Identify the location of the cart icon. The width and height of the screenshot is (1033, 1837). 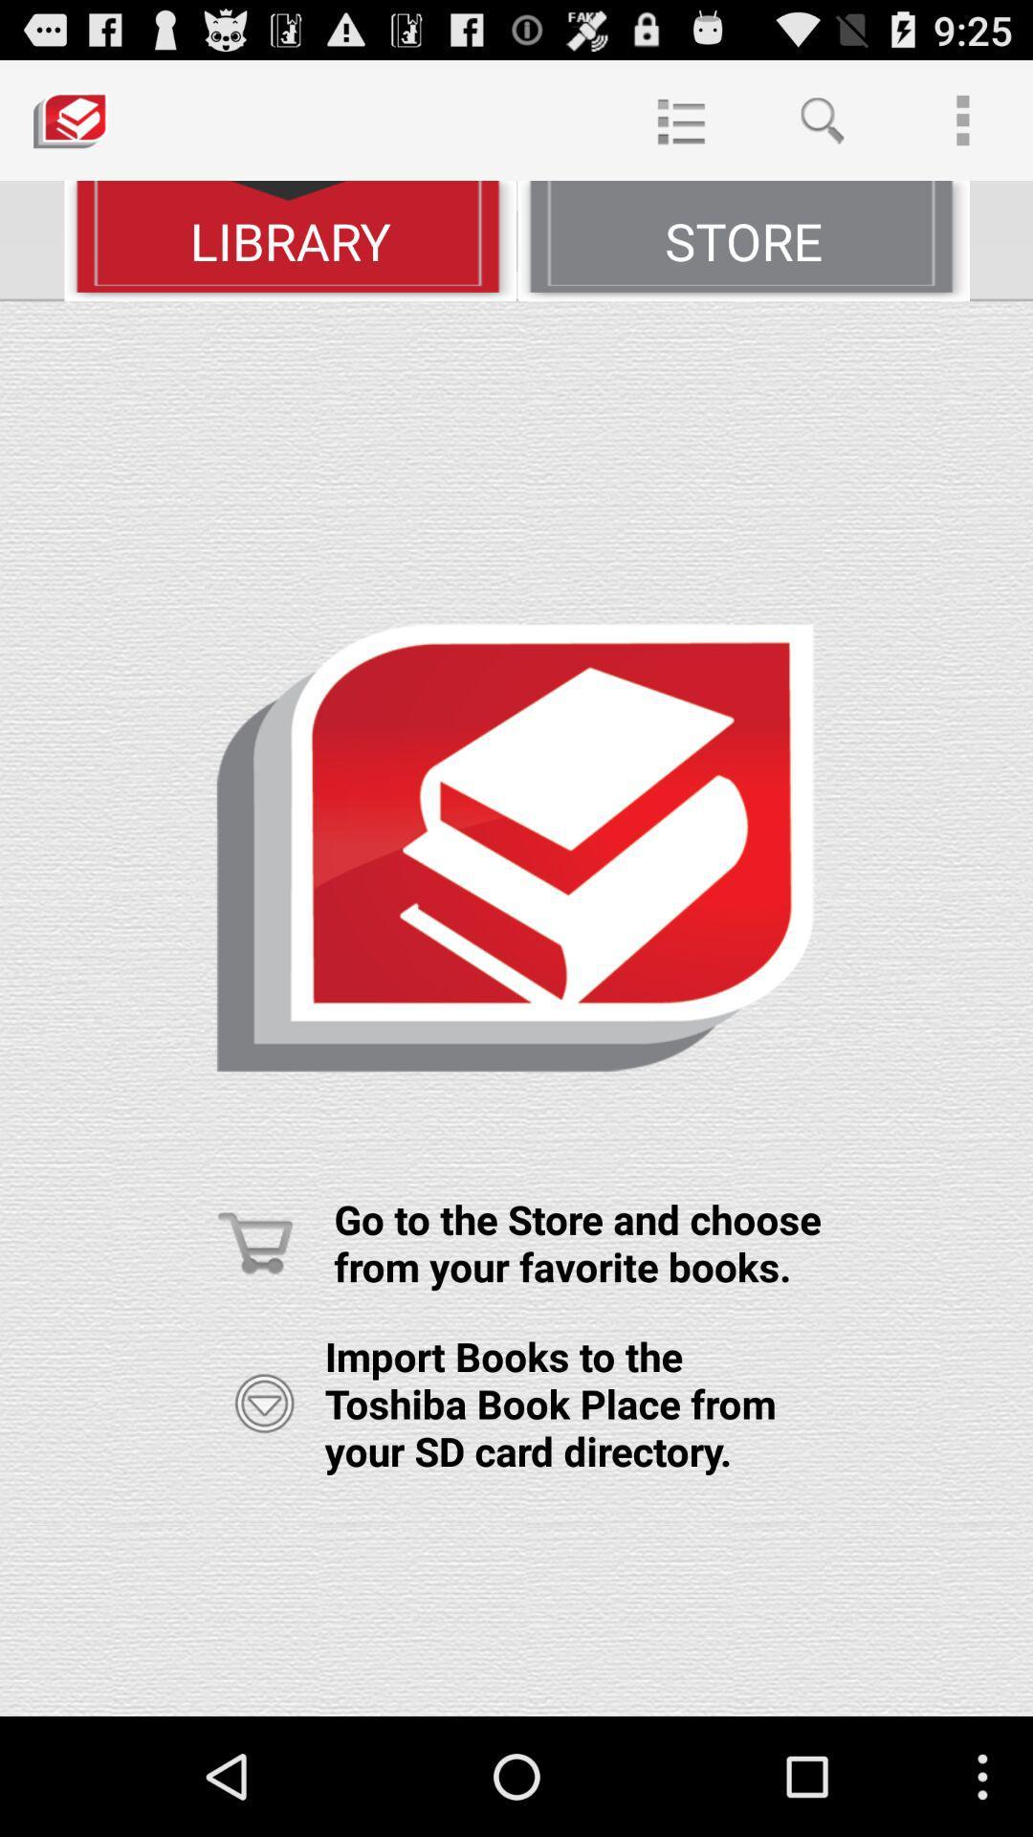
(254, 1329).